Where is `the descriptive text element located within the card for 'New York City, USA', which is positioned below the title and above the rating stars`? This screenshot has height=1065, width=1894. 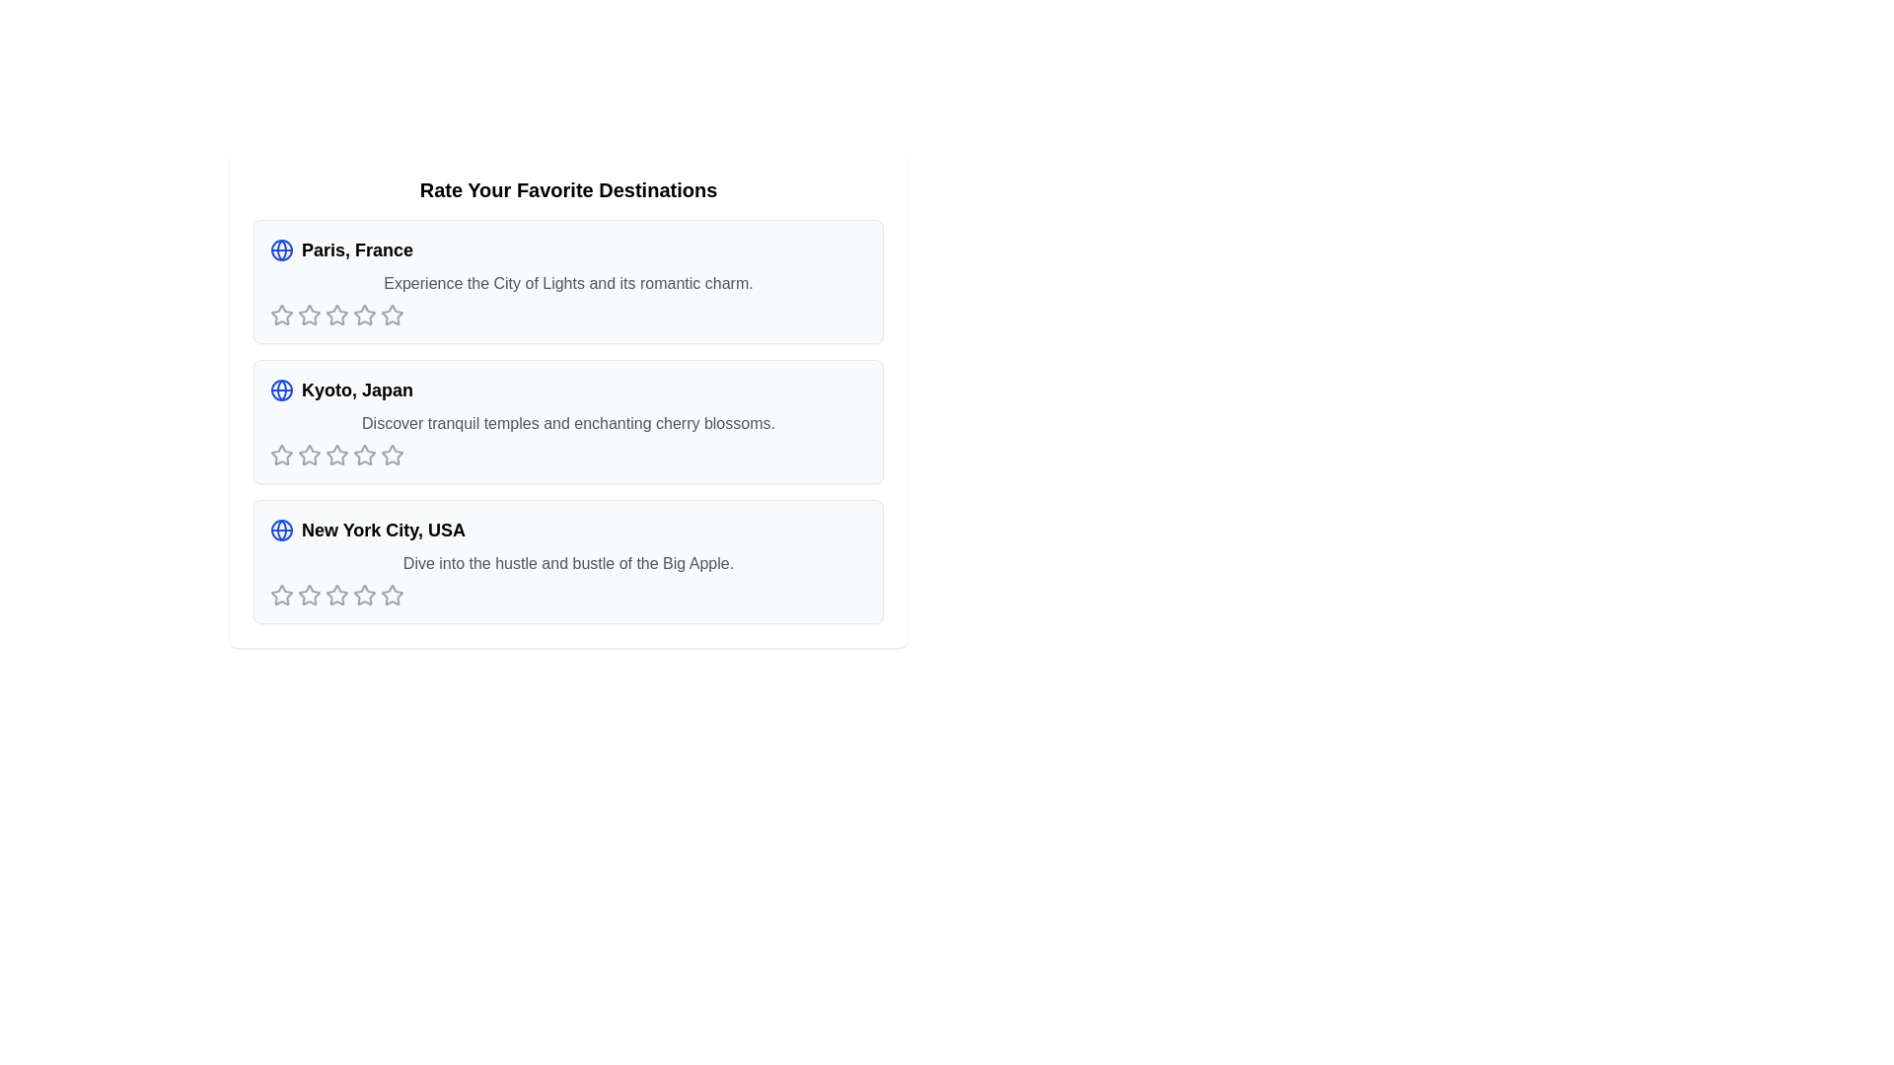
the descriptive text element located within the card for 'New York City, USA', which is positioned below the title and above the rating stars is located at coordinates (567, 563).